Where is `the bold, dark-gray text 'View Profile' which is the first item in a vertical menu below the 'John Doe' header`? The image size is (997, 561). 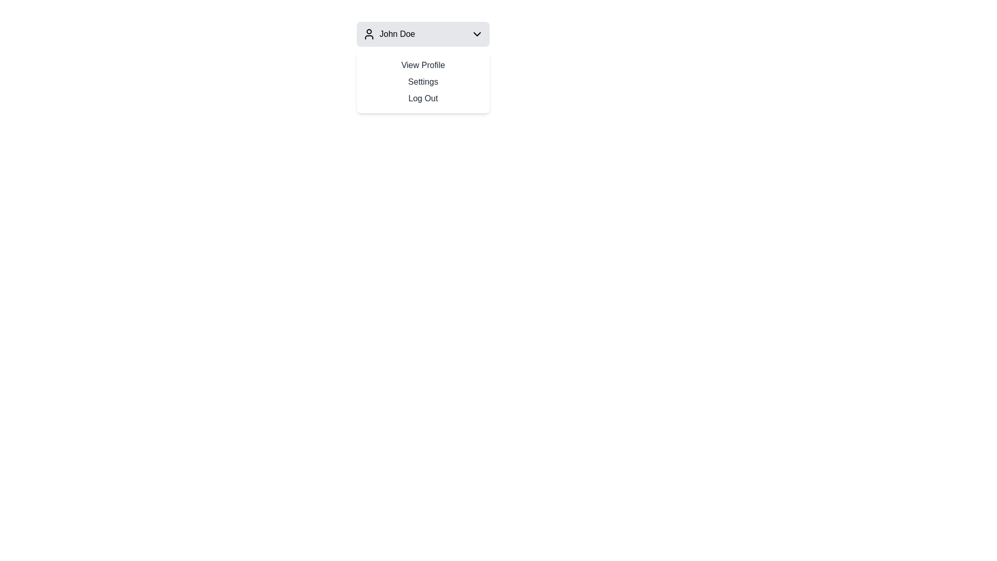 the bold, dark-gray text 'View Profile' which is the first item in a vertical menu below the 'John Doe' header is located at coordinates (423, 65).